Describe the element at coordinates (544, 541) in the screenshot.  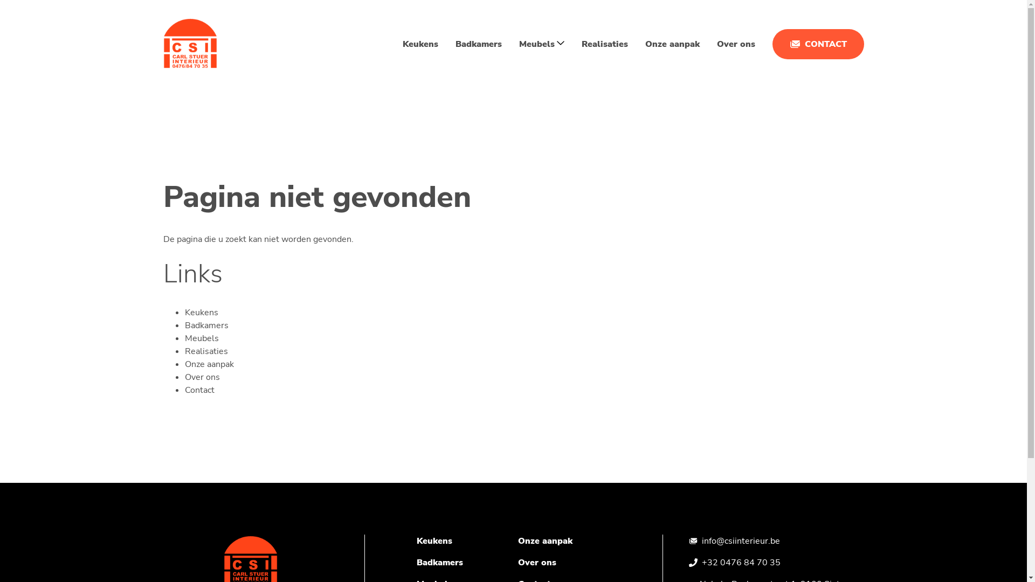
I see `'Onze aanpak'` at that location.